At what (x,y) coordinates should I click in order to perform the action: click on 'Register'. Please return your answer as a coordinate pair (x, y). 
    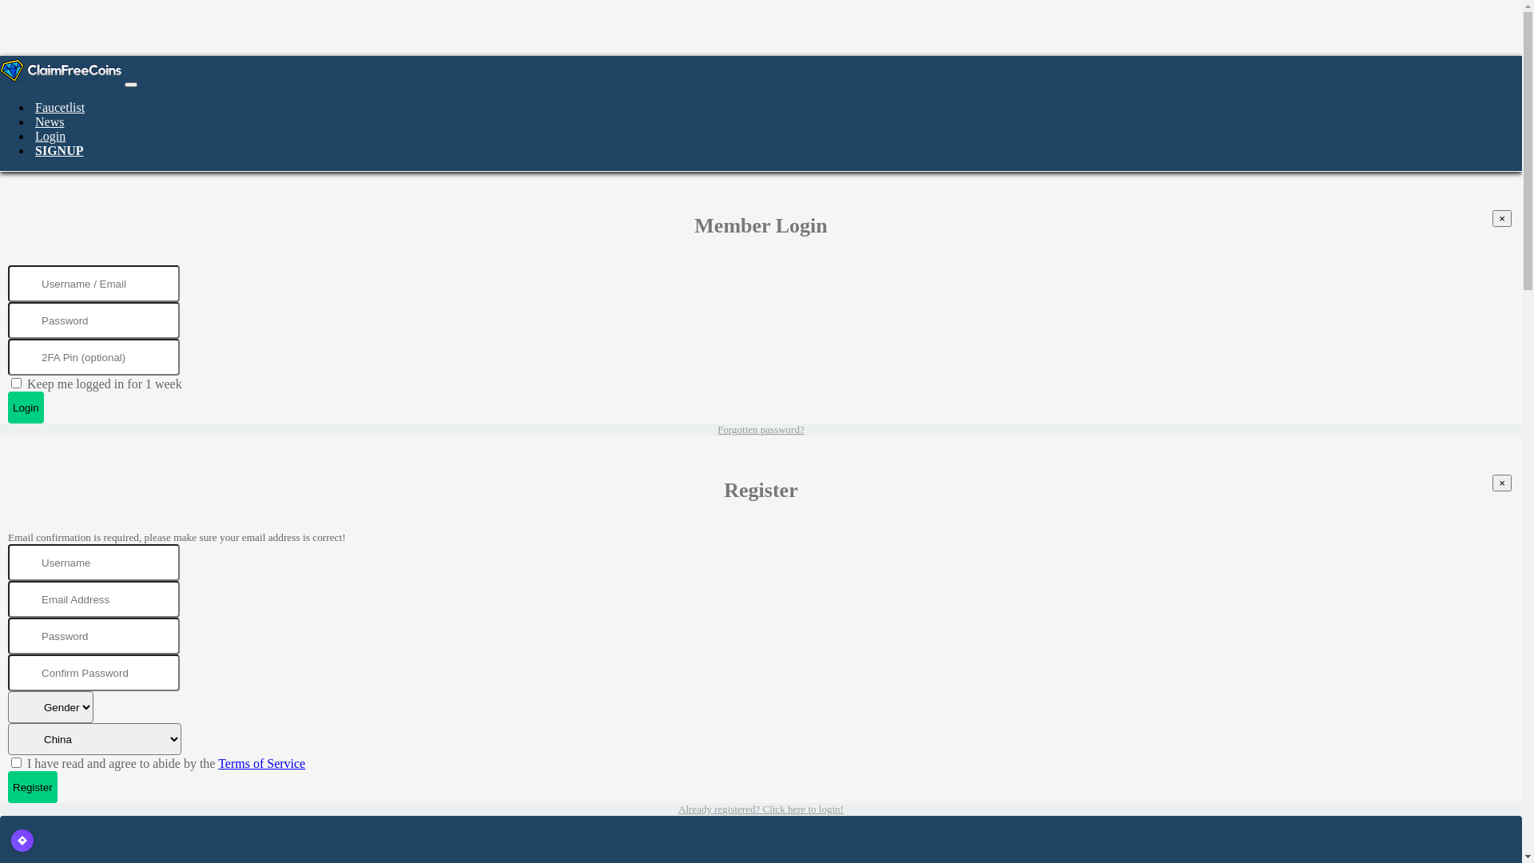
    Looking at the image, I should click on (7, 785).